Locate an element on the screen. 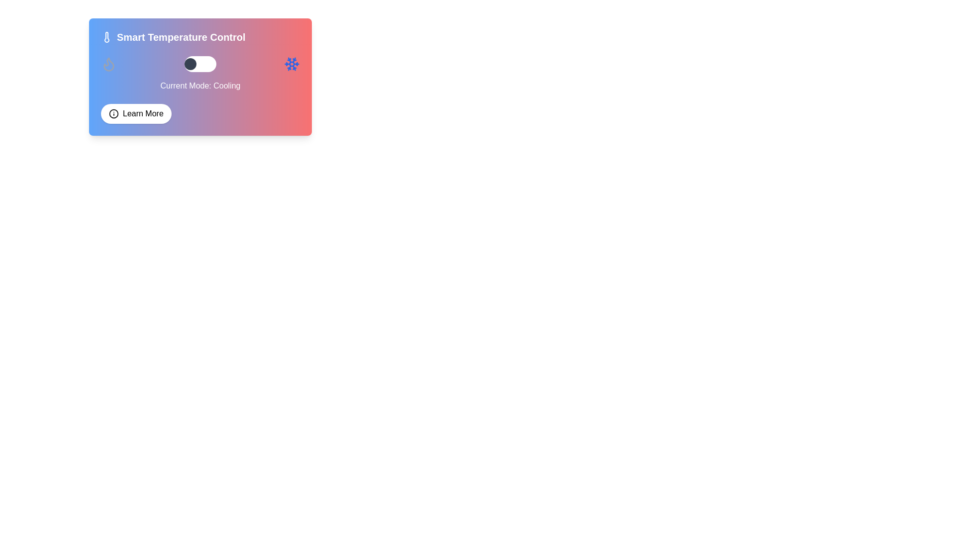 The image size is (955, 537). the horizontal toggle switch with a white background and rounded edges to change its state is located at coordinates (200, 64).